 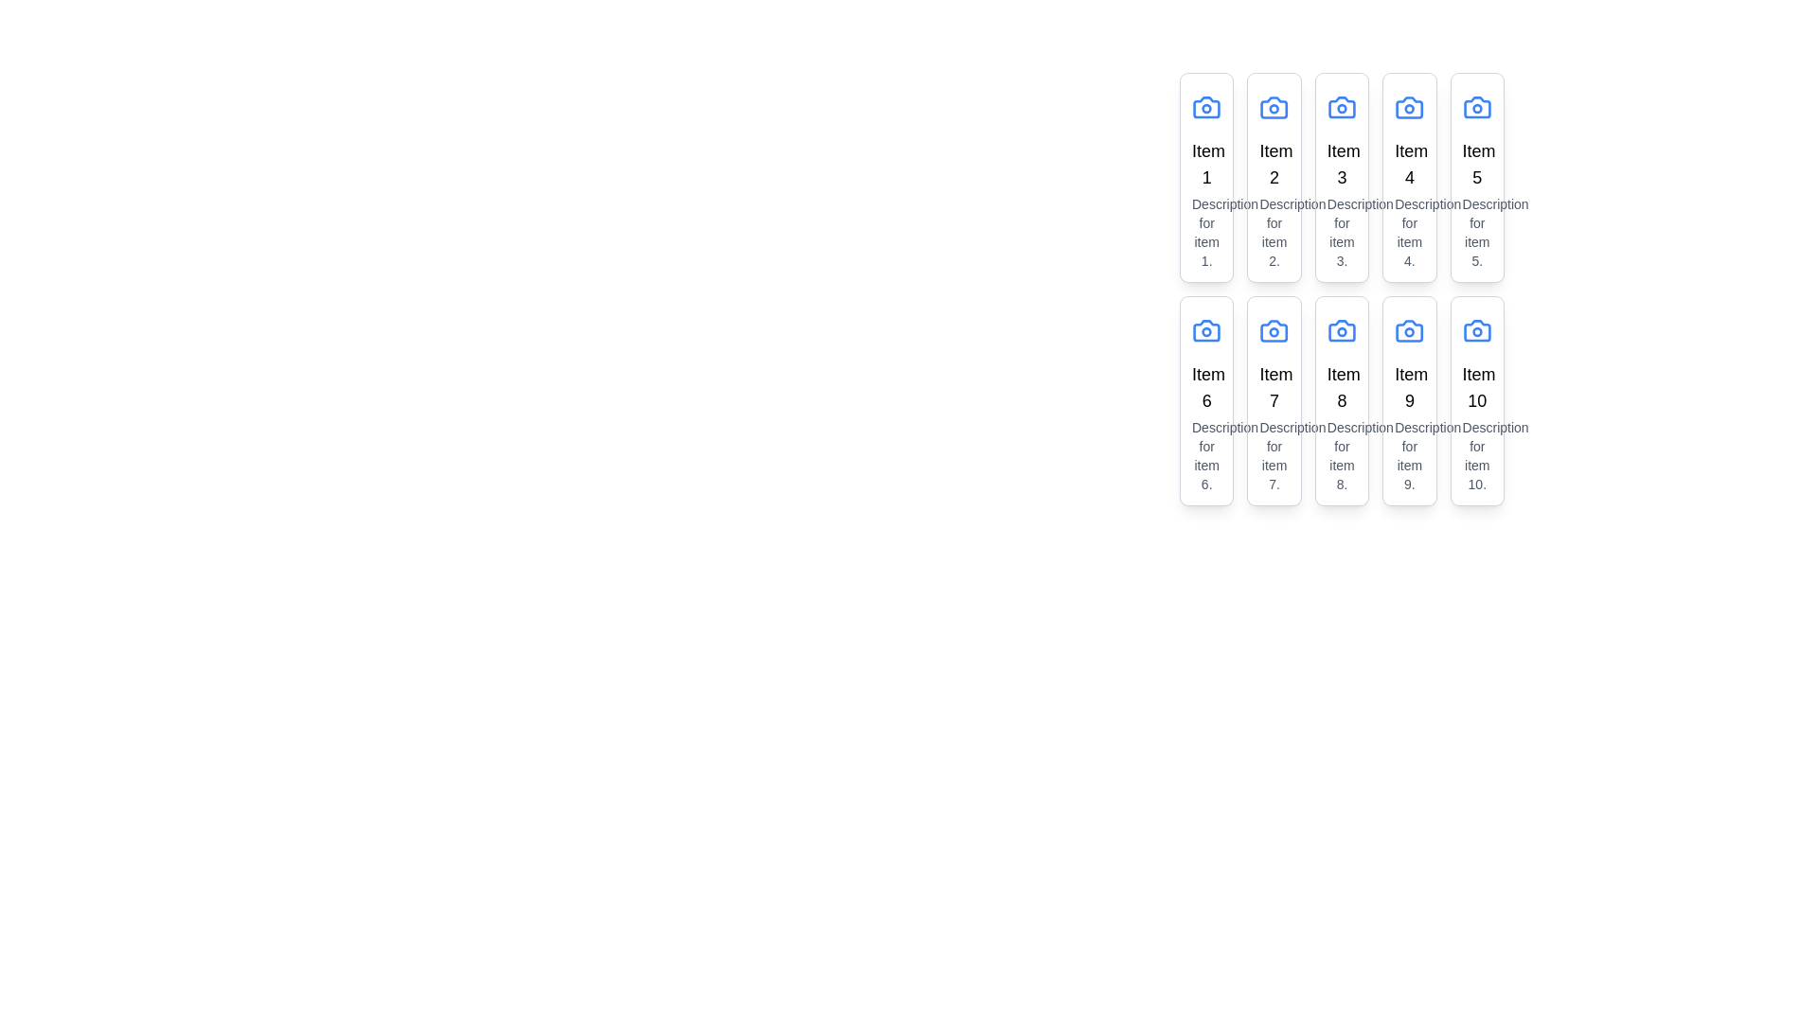 What do you see at coordinates (1274, 232) in the screenshot?
I see `the static text element reading 'Description for item 2.' located in the second card of the interface, which is styled in a small, gray, centered font` at bounding box center [1274, 232].